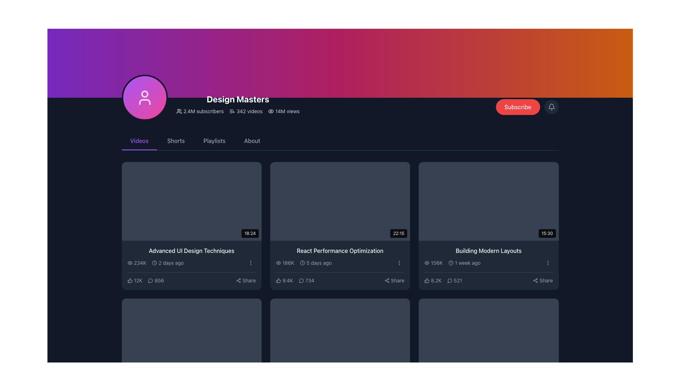  What do you see at coordinates (246, 111) in the screenshot?
I see `text '342 videos' displayed with an icon resembling a list with a play button, located in the information section of the user interface` at bounding box center [246, 111].